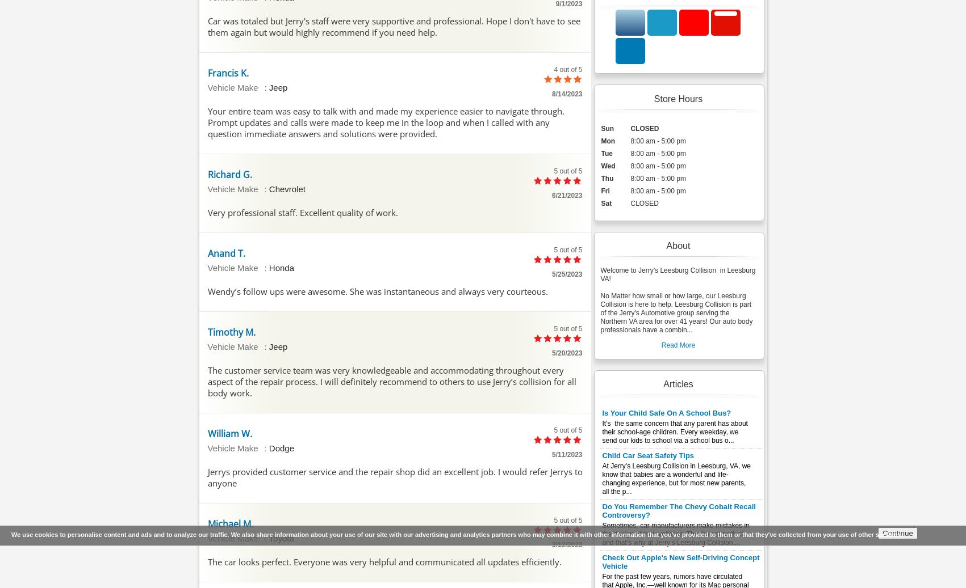 The width and height of the screenshot is (966, 588). What do you see at coordinates (607, 127) in the screenshot?
I see `'Sun'` at bounding box center [607, 127].